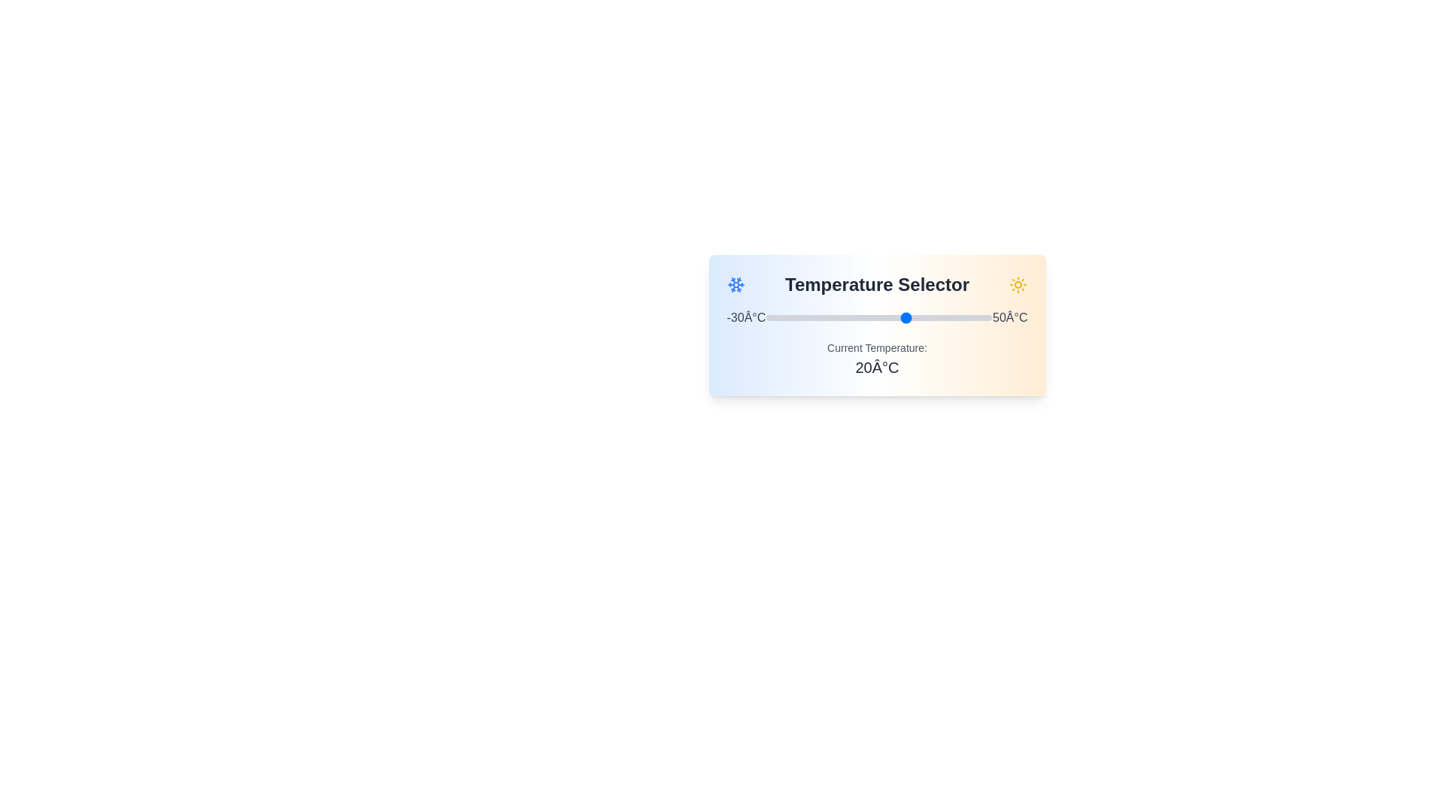 This screenshot has height=812, width=1444. Describe the element at coordinates (805, 317) in the screenshot. I see `the temperature slider` at that location.